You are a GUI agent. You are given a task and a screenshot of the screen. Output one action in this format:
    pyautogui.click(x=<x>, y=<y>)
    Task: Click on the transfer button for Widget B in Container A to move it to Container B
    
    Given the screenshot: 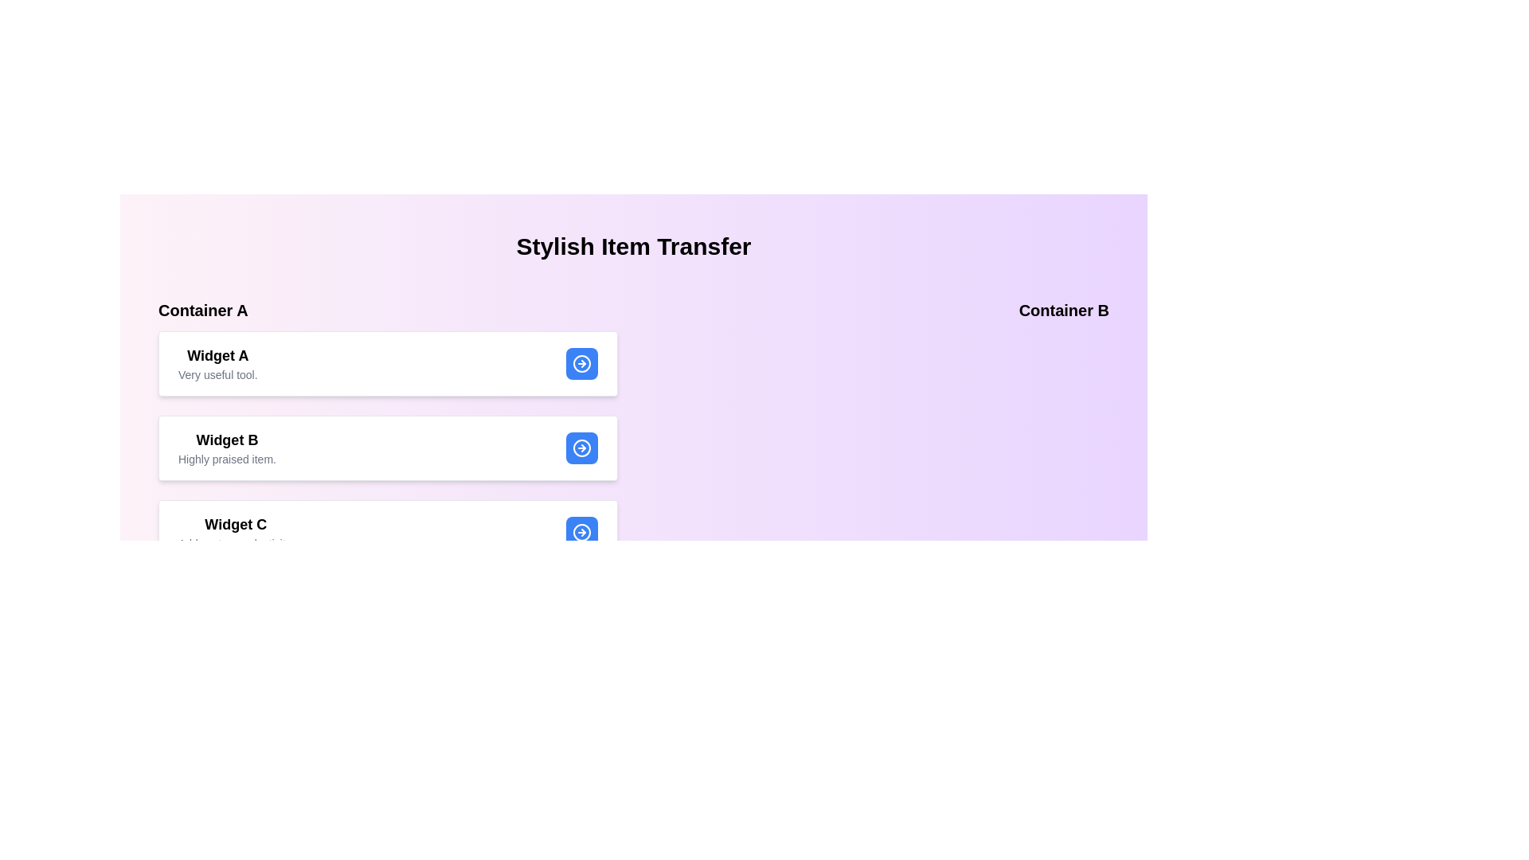 What is the action you would take?
    pyautogui.click(x=581, y=448)
    